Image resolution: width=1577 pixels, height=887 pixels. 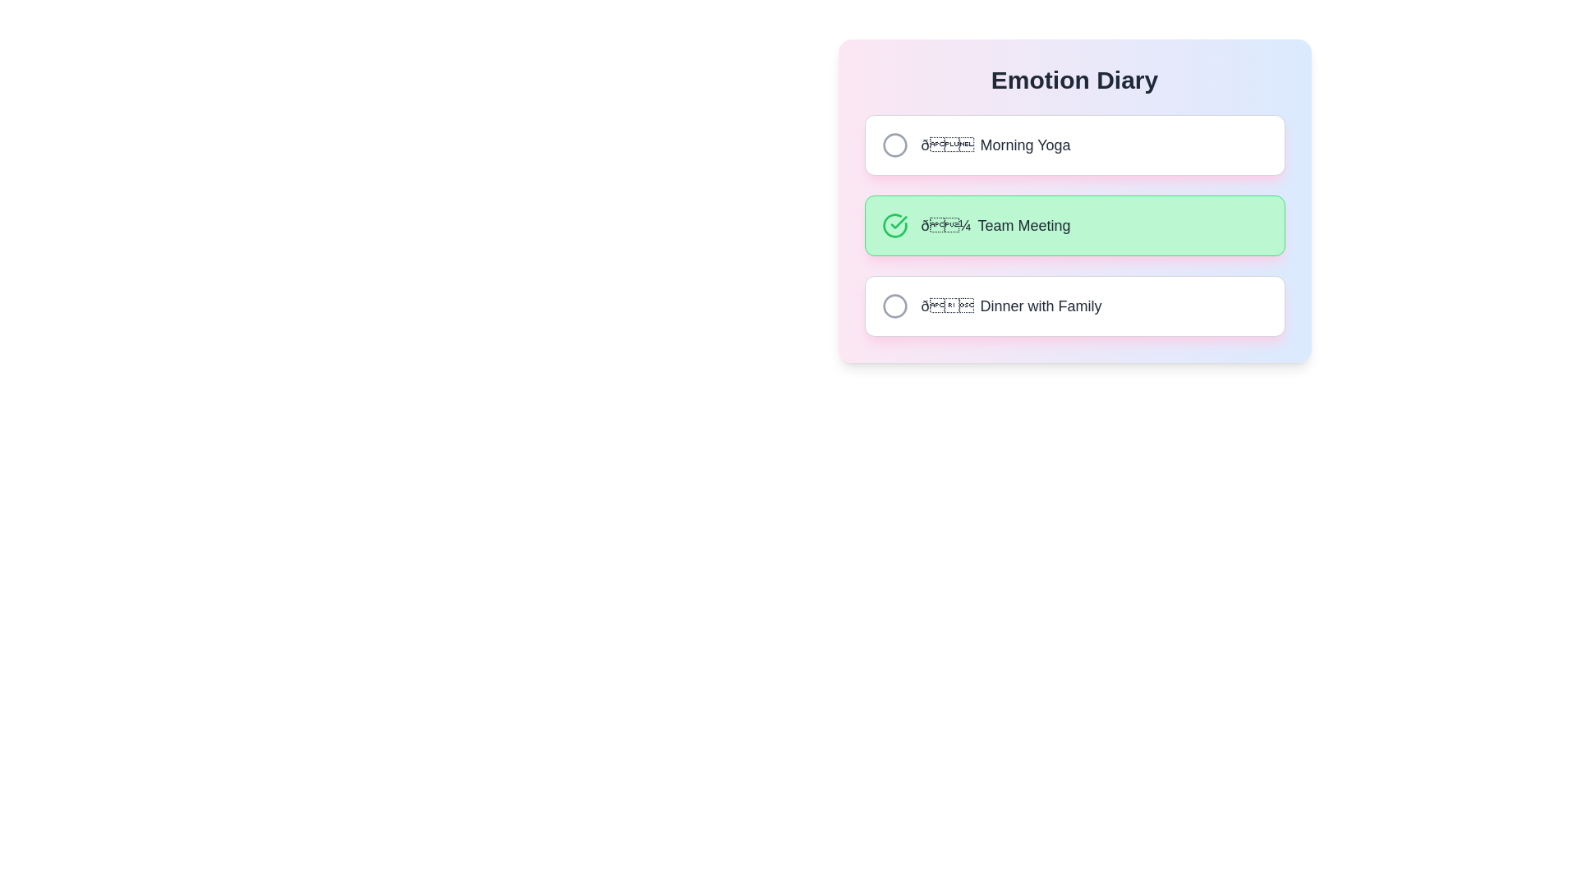 I want to click on the description and image of the diary entry 1, so click(x=1074, y=145).